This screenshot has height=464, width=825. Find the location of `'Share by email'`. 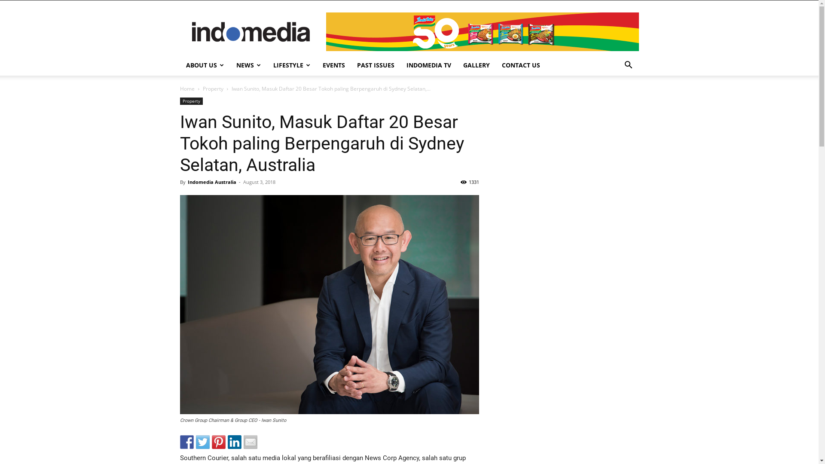

'Share by email' is located at coordinates (249, 442).